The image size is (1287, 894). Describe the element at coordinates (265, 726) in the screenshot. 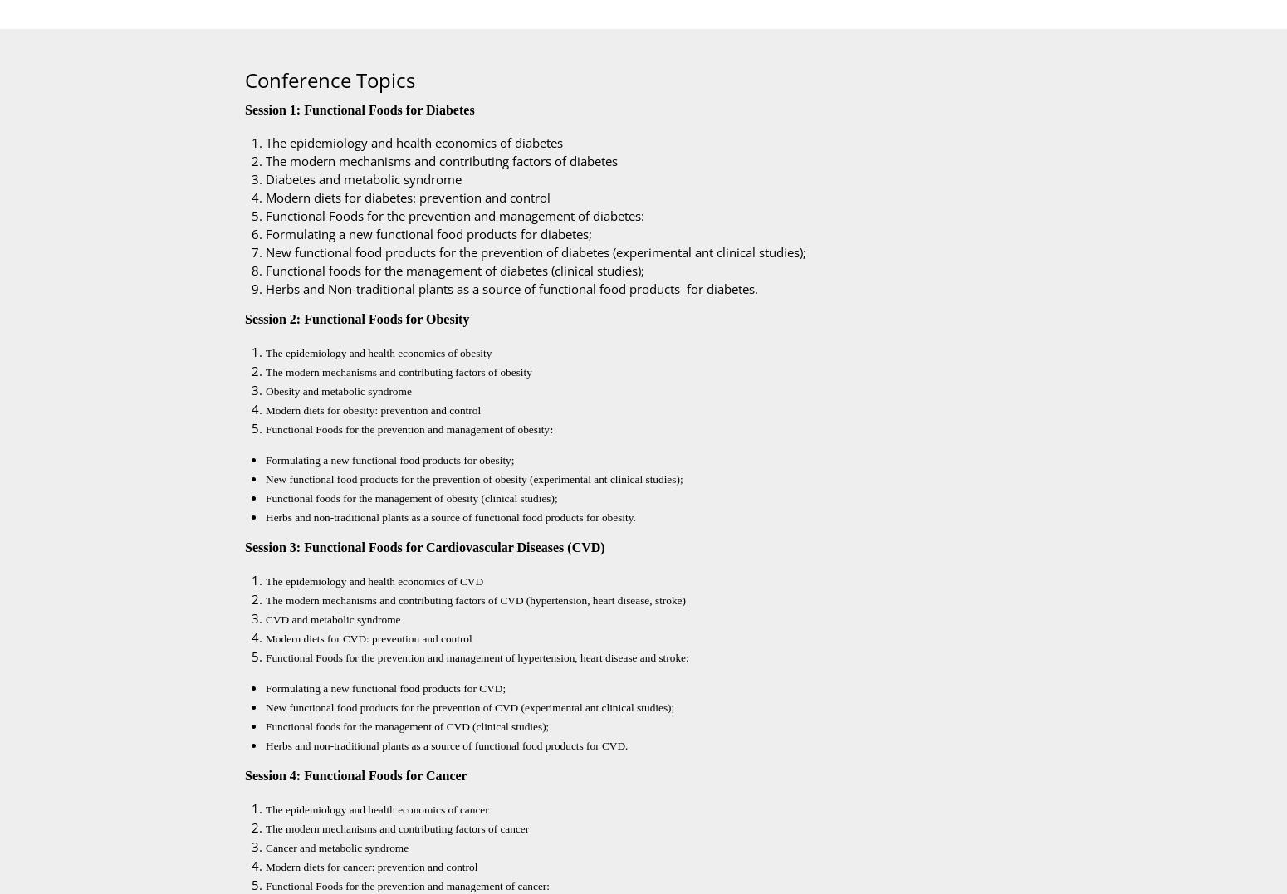

I see `'Functional foods for the management of CVD (clinical studies);'` at that location.